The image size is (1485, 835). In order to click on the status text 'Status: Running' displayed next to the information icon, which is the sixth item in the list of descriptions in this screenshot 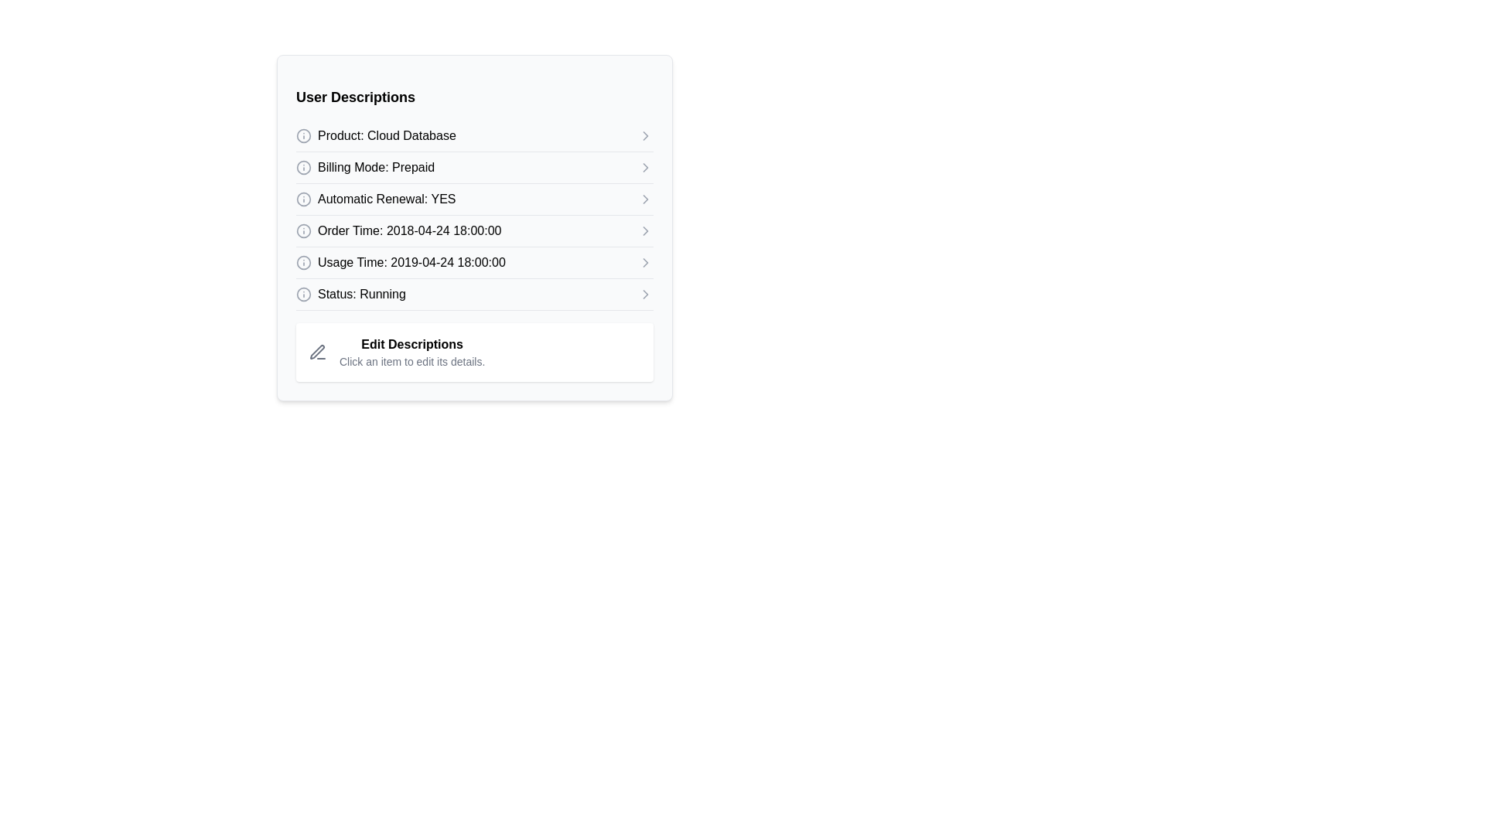, I will do `click(350, 295)`.